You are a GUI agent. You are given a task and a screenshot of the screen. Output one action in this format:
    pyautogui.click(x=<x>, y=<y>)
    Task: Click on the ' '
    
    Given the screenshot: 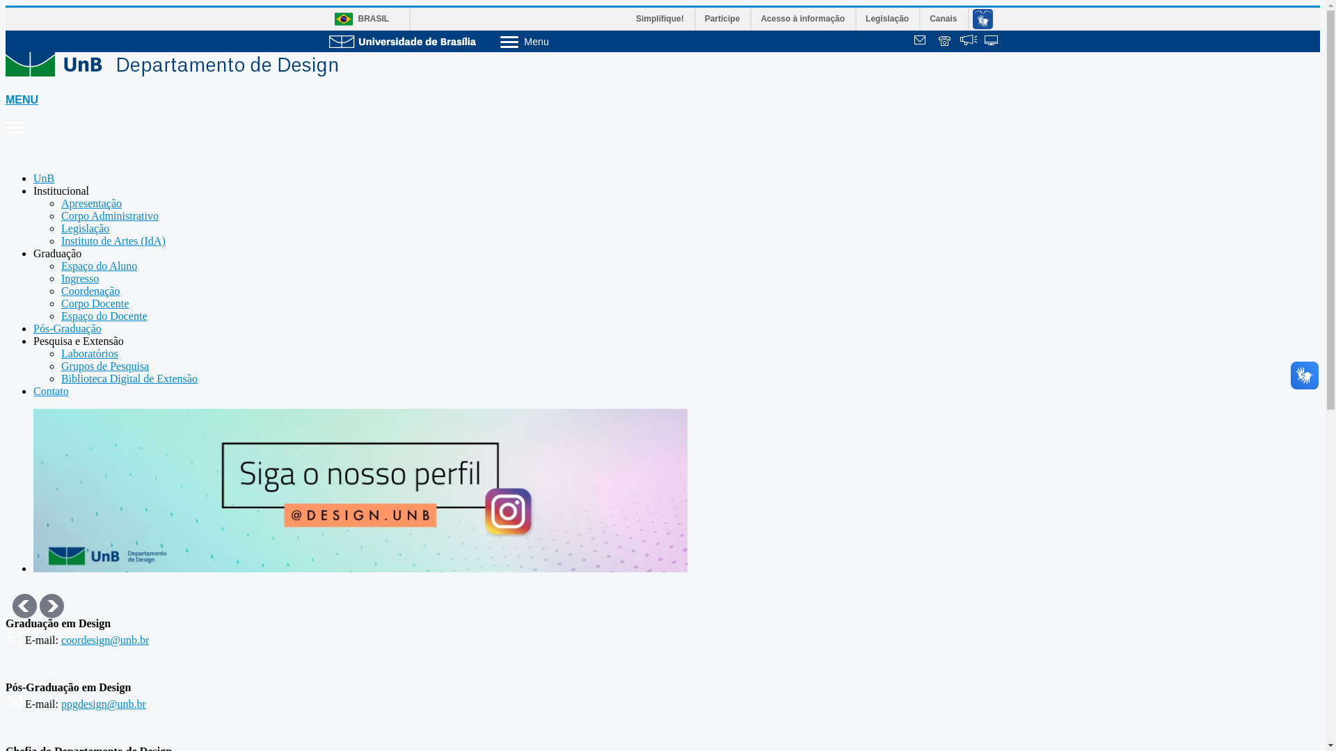 What is the action you would take?
    pyautogui.click(x=945, y=41)
    